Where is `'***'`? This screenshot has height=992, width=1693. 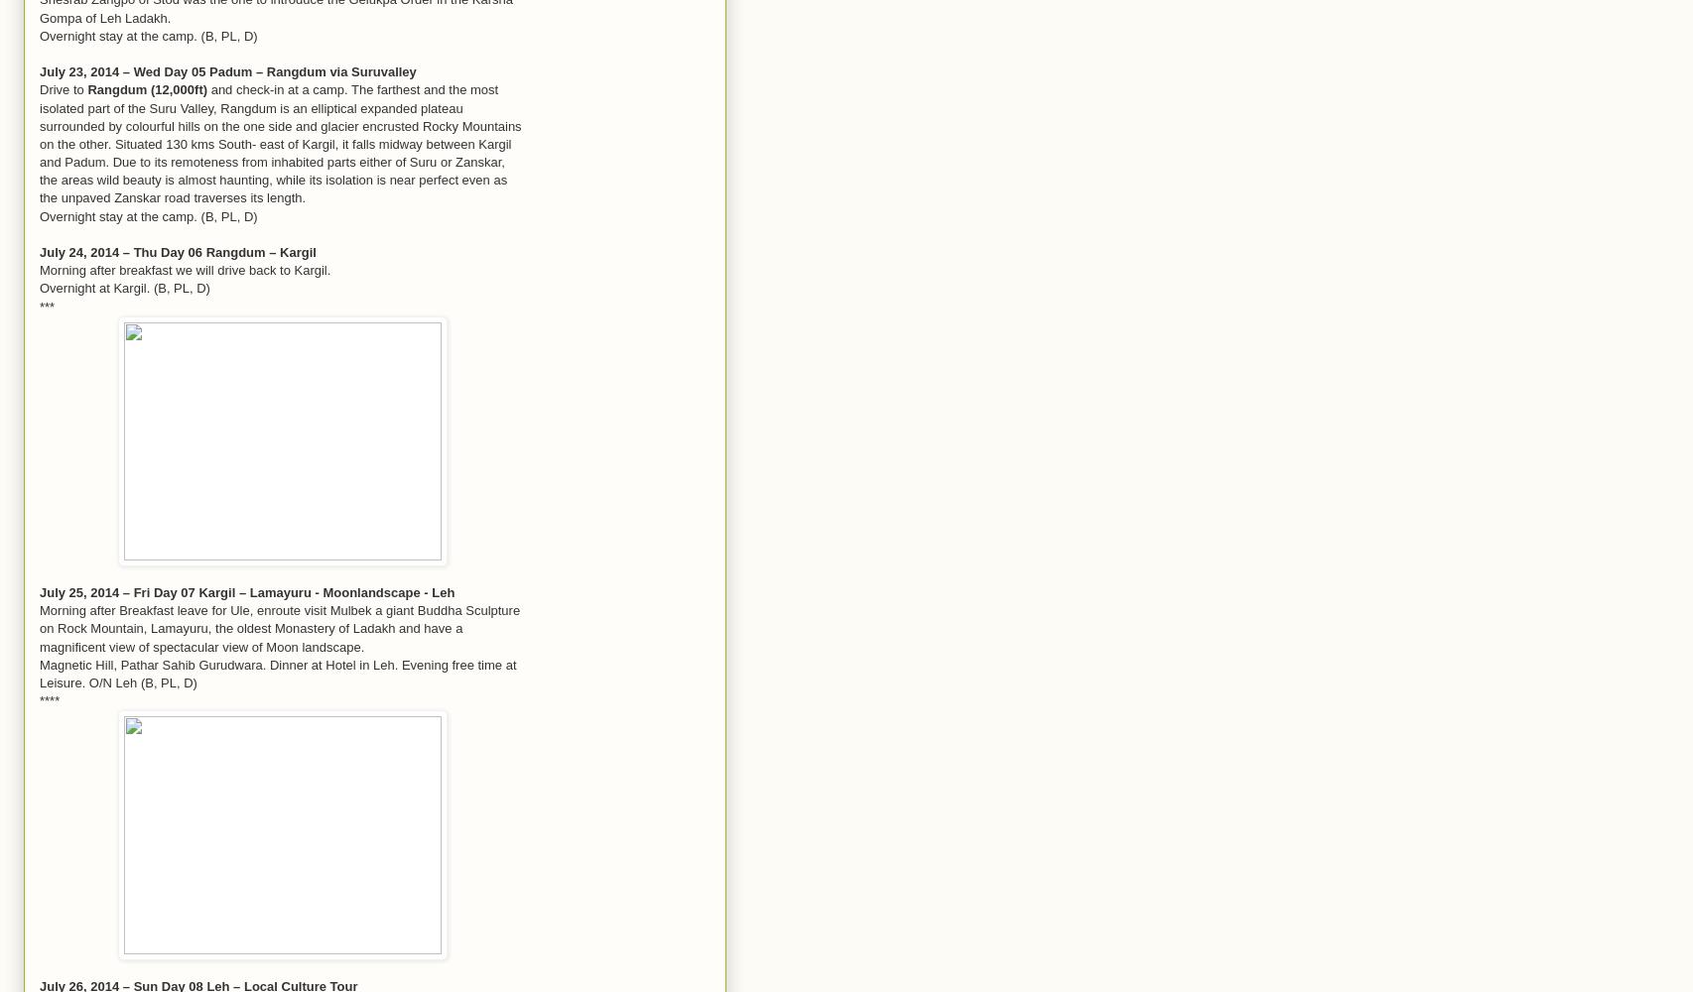 '***' is located at coordinates (47, 306).